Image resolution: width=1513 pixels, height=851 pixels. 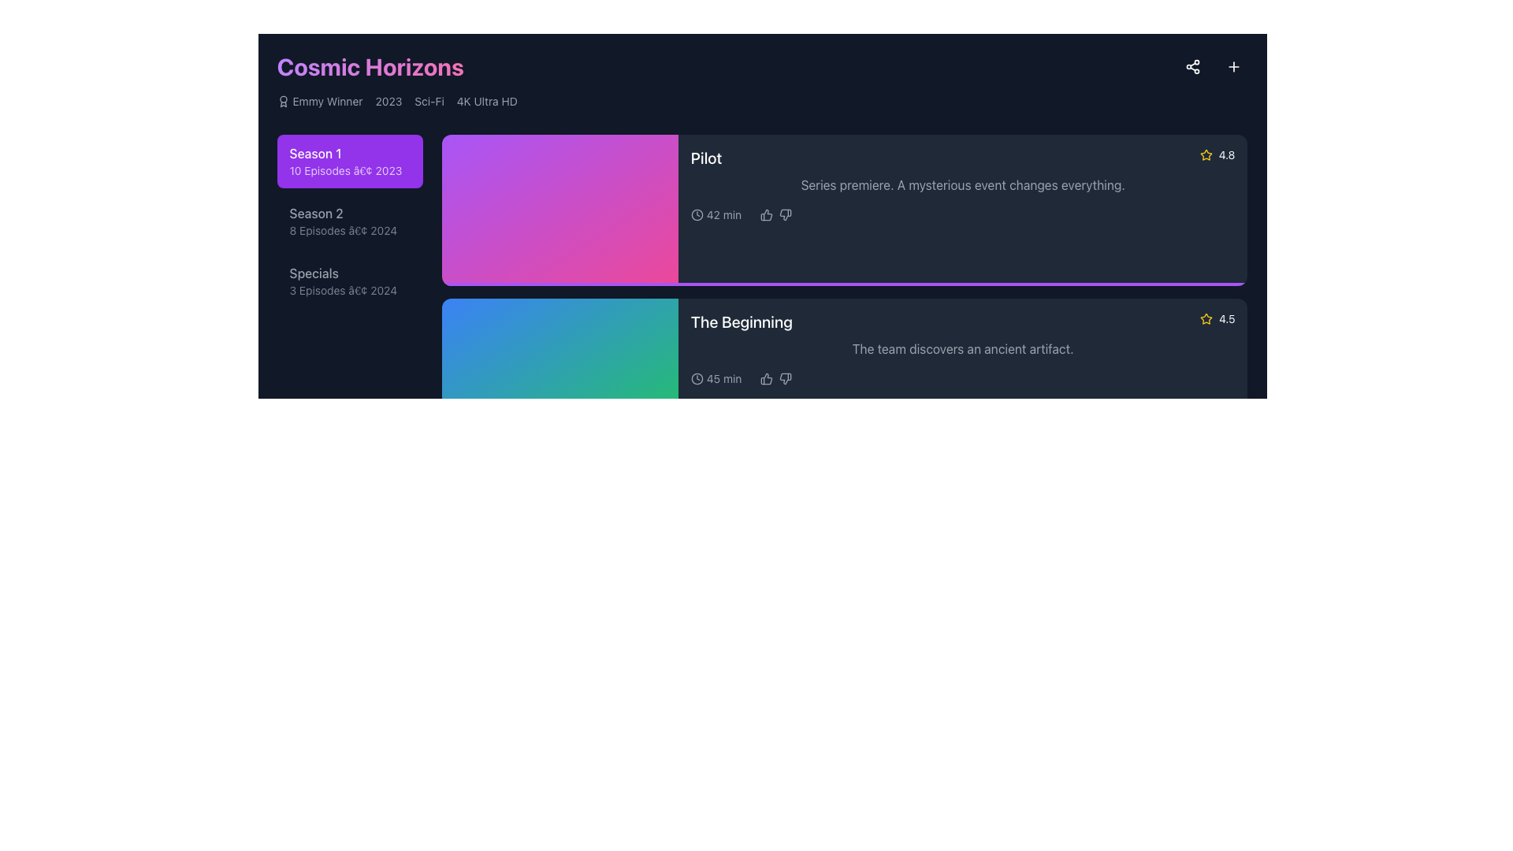 I want to click on the informational label displaying the duration of the episode 'The Beginning', located in the second row of the episode's information panel on the right side, to the left of the thumbs-up and thumbs-down icons, so click(x=716, y=379).